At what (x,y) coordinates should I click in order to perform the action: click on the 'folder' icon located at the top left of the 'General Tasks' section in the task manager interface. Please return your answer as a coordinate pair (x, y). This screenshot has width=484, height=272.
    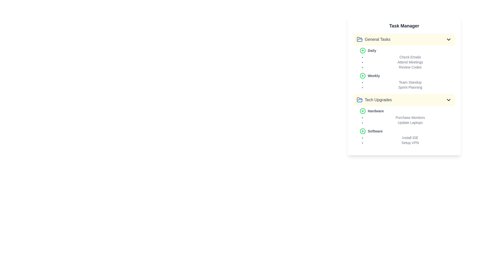
    Looking at the image, I should click on (359, 100).